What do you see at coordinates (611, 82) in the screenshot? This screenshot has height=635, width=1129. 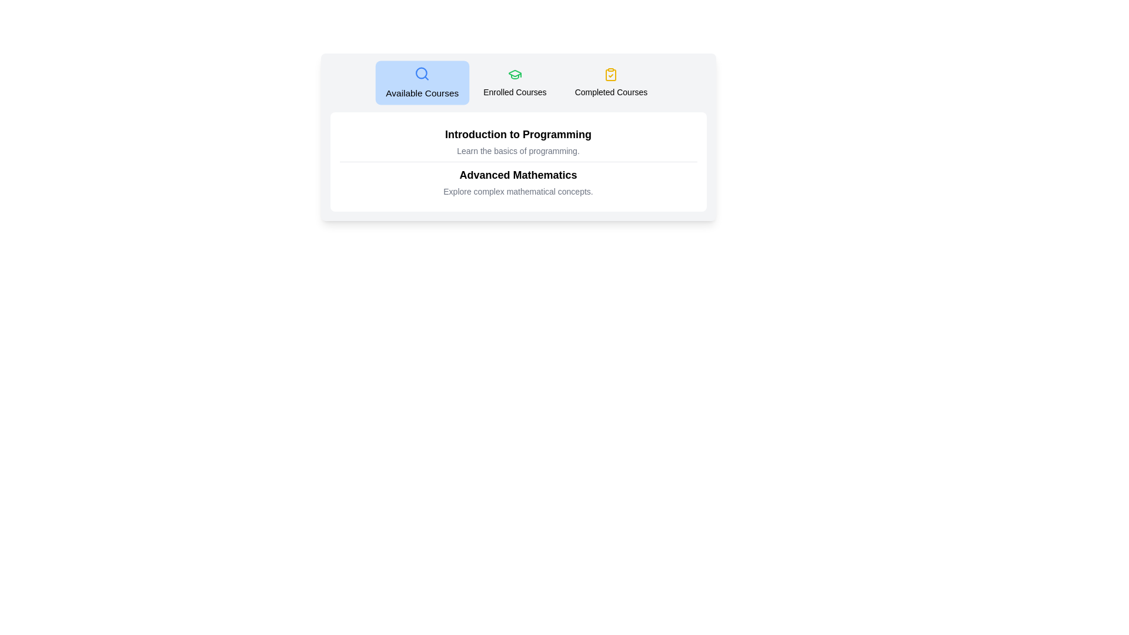 I see `the tab labeled Completed Courses to preview its effect` at bounding box center [611, 82].